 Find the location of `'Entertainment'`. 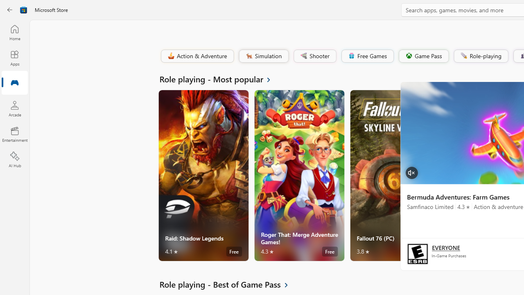

'Entertainment' is located at coordinates (14, 134).